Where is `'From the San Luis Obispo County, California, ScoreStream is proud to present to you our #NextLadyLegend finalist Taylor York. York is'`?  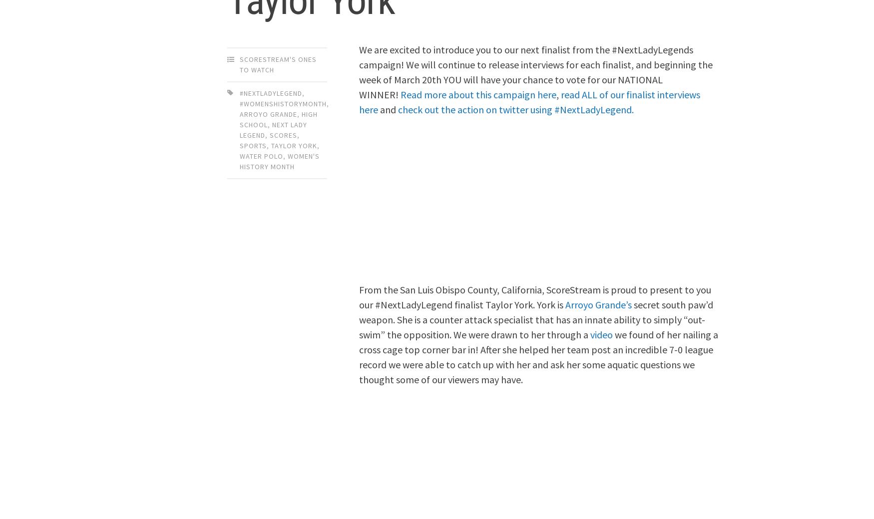 'From the San Luis Obispo County, California, ScoreStream is proud to present to you our #NextLadyLegend finalist Taylor York. York is' is located at coordinates (359, 296).